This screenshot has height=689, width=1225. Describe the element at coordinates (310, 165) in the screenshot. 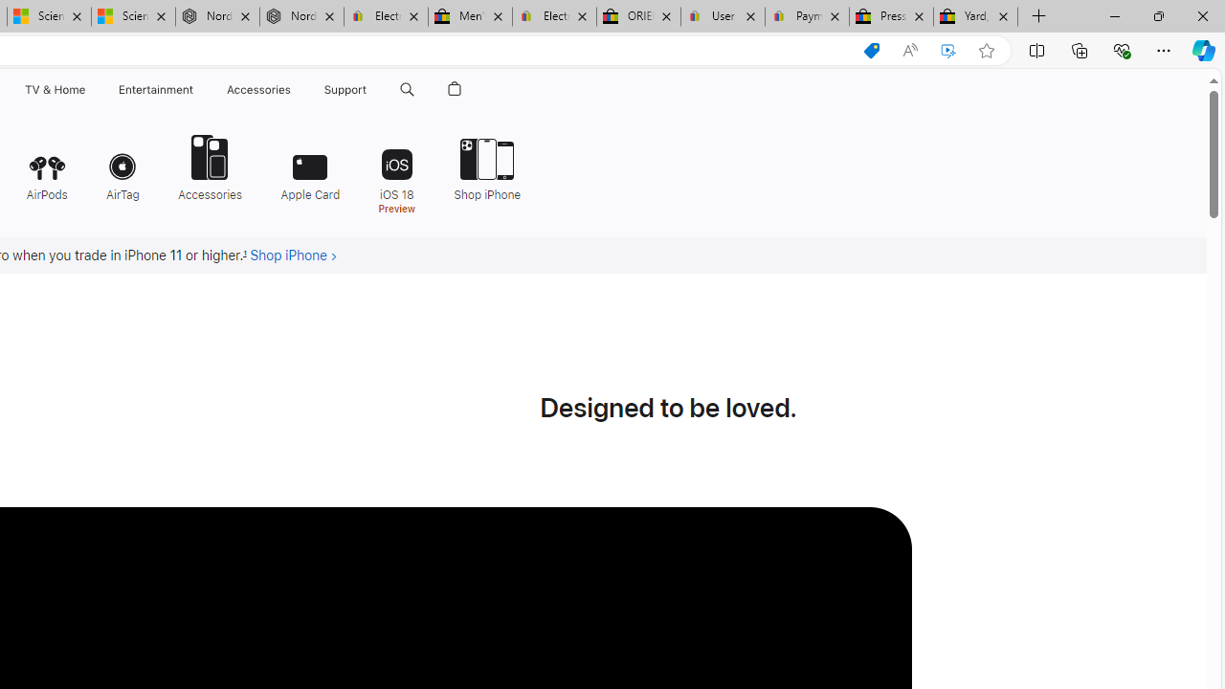

I see `'Apple Card'` at that location.